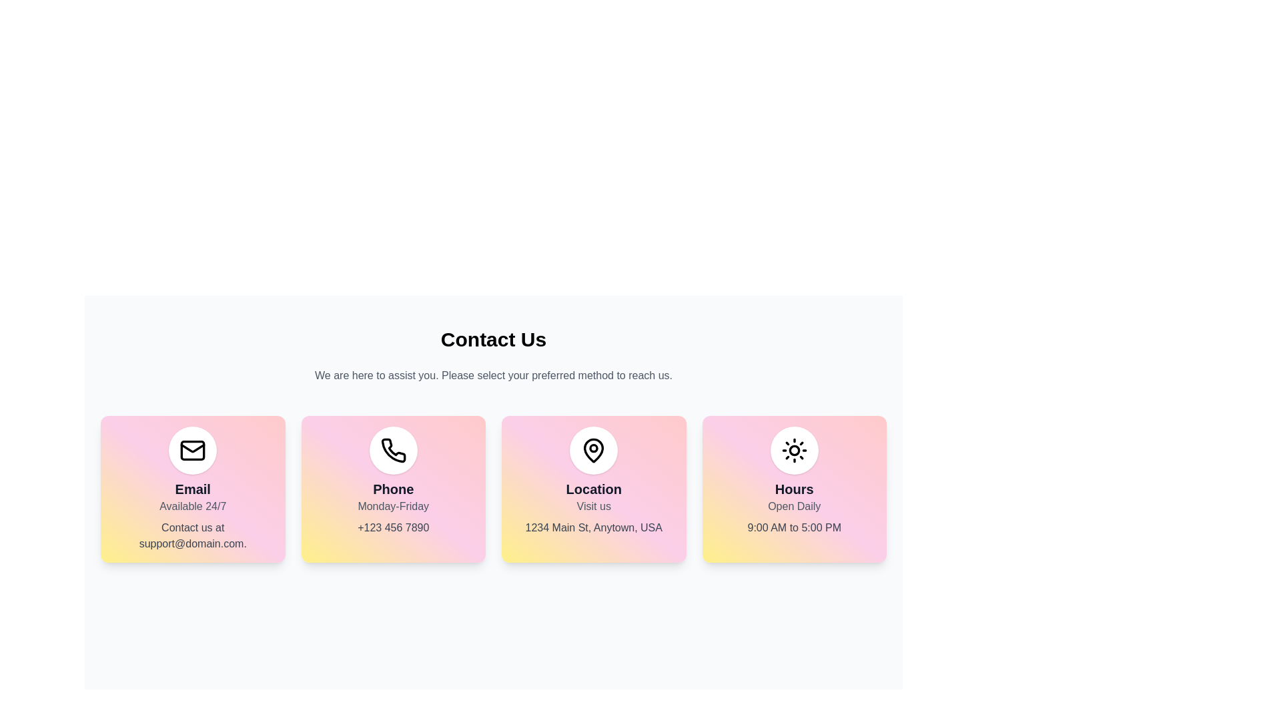  What do you see at coordinates (392, 451) in the screenshot?
I see `the 'Phone' icon, which is centrally located in the second card of a grid labeled 'Phone'` at bounding box center [392, 451].